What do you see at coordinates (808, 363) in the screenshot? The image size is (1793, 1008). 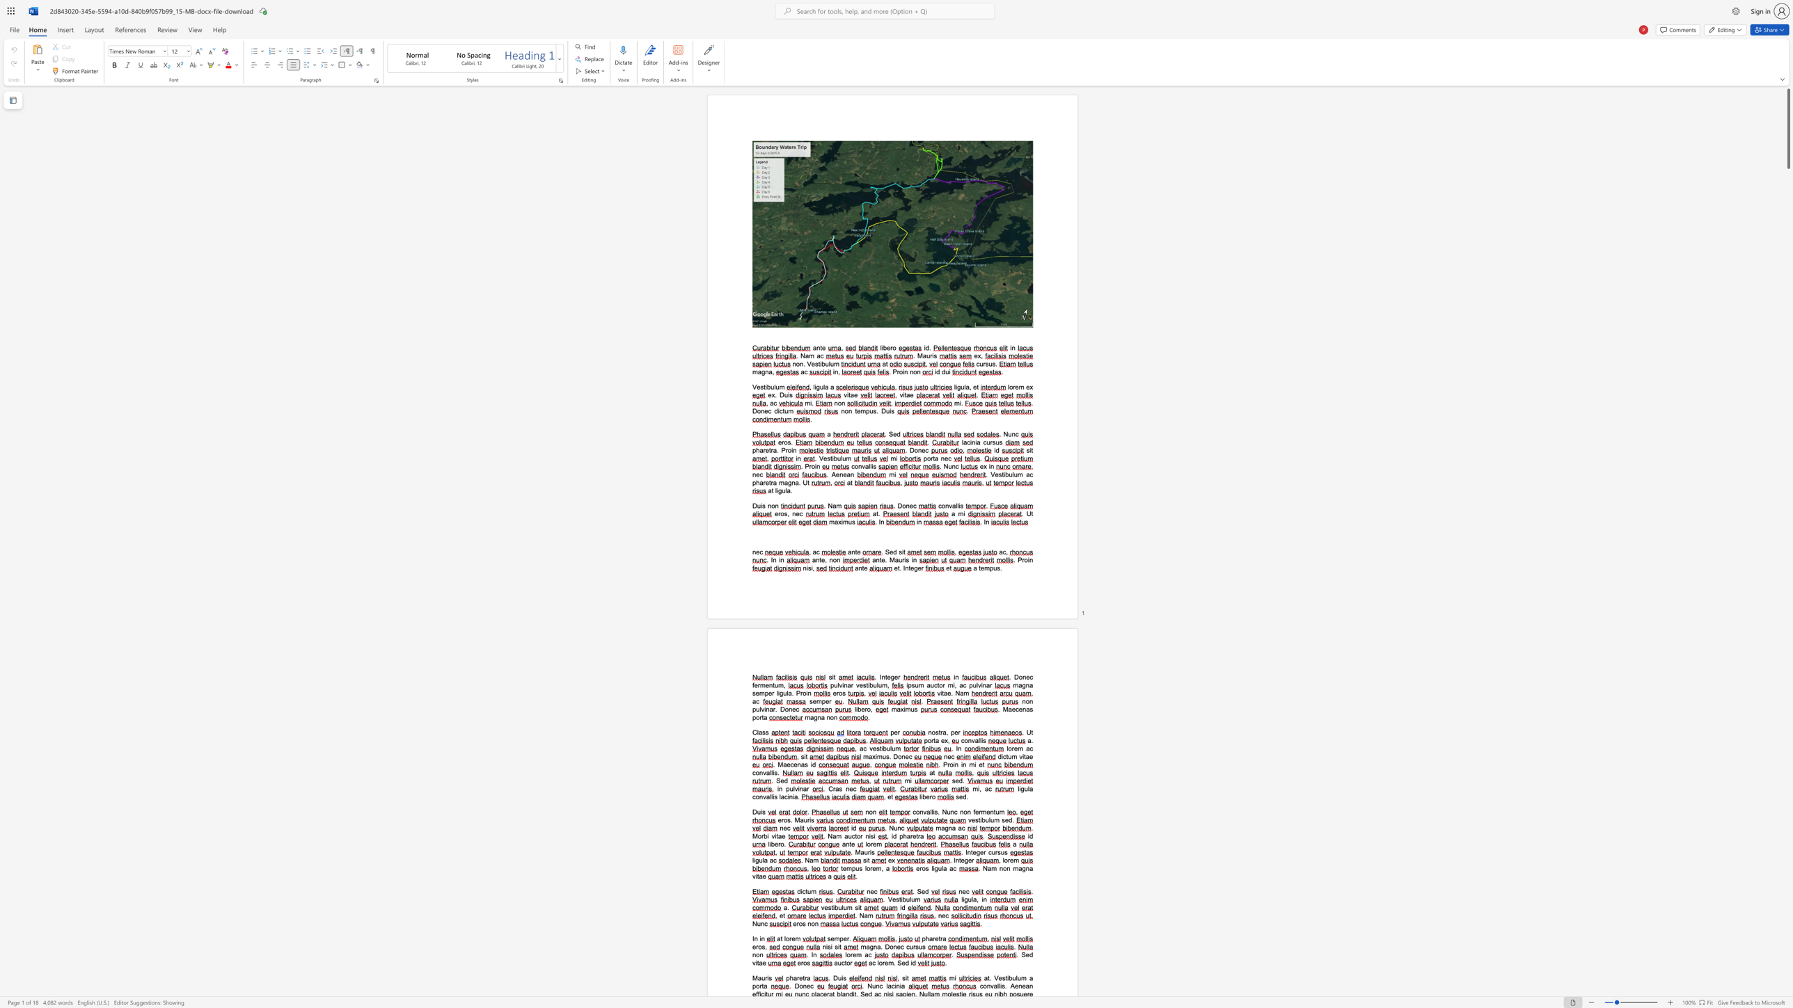 I see `the 1th character "V" in the text` at bounding box center [808, 363].